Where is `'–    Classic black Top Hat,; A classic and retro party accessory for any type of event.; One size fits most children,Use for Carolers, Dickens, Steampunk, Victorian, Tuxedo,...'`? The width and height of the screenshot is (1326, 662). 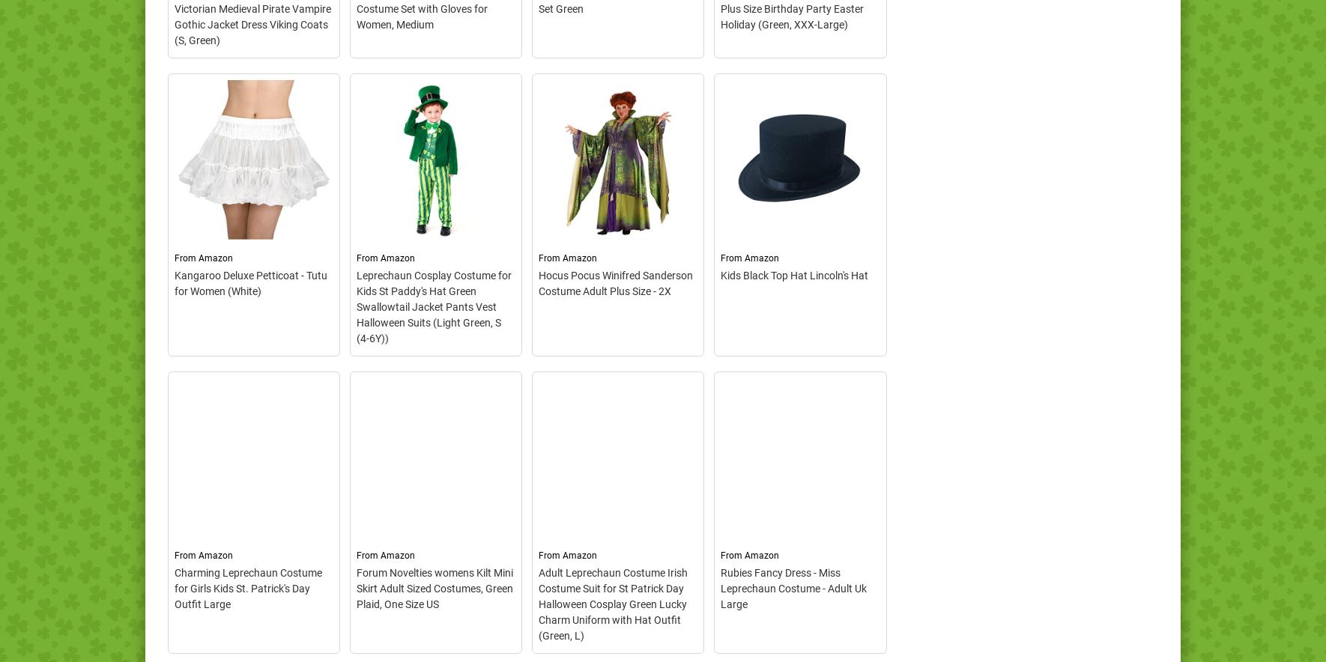
'–    Classic black Top Hat,; A classic and retro party accessory for any type of event.; One size fits most children,Use for Carolers, Dickens, Steampunk, Victorian, Tuxedo,...' is located at coordinates (798, 538).